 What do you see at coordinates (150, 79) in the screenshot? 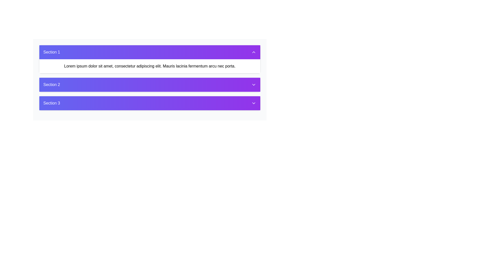
I see `the collapsible section header labeled 'Section 2'` at bounding box center [150, 79].